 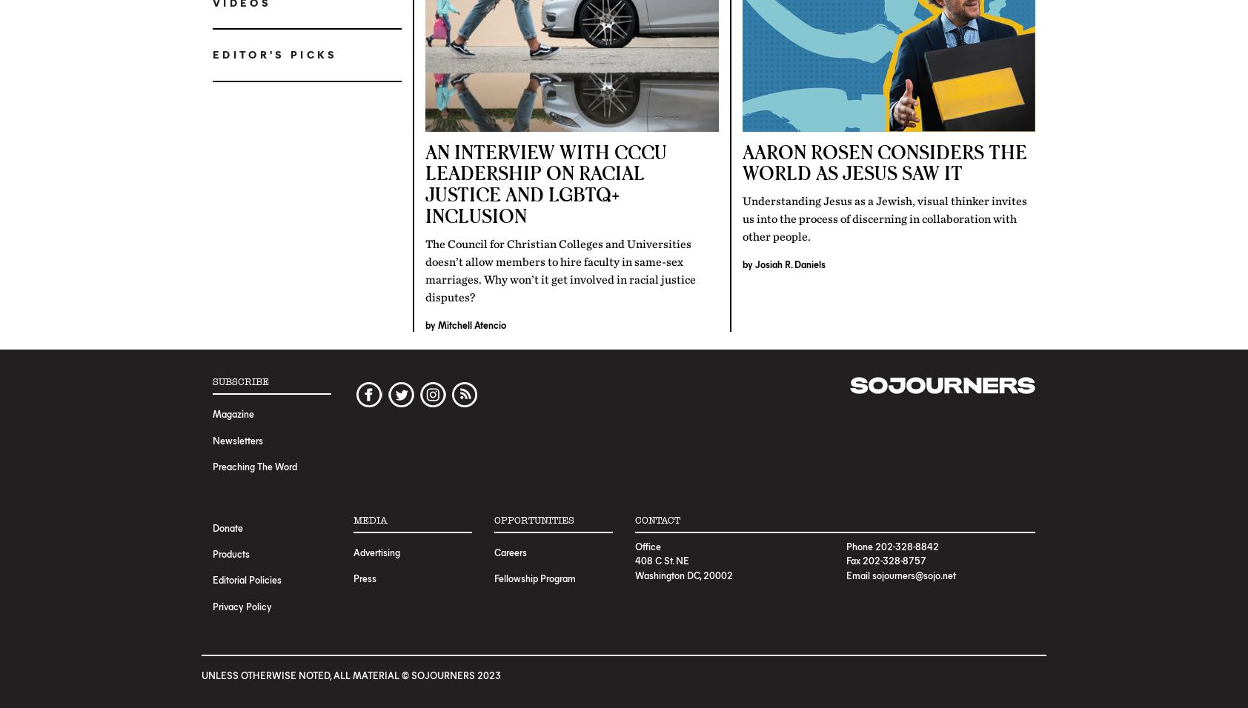 I want to click on 'Editor's Picks', so click(x=212, y=53).